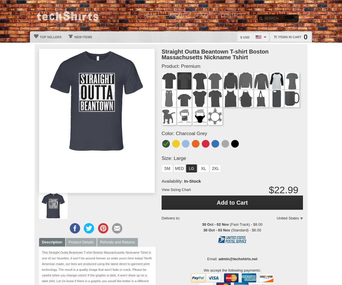  What do you see at coordinates (232, 270) in the screenshot?
I see `'We accept the following payments:'` at bounding box center [232, 270].